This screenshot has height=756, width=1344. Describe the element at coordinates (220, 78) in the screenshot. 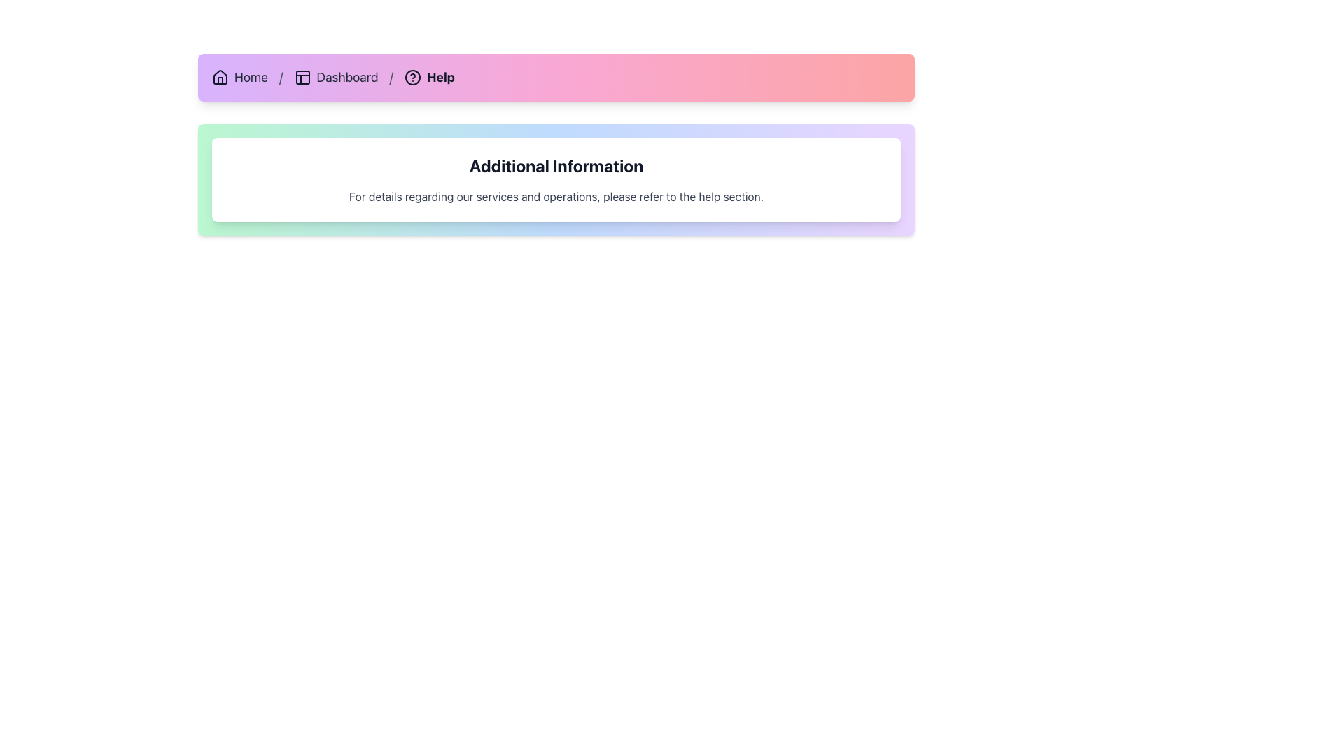

I see `the house-shaped icon located at the top-left corner of the breadcrumb navigation bar` at that location.